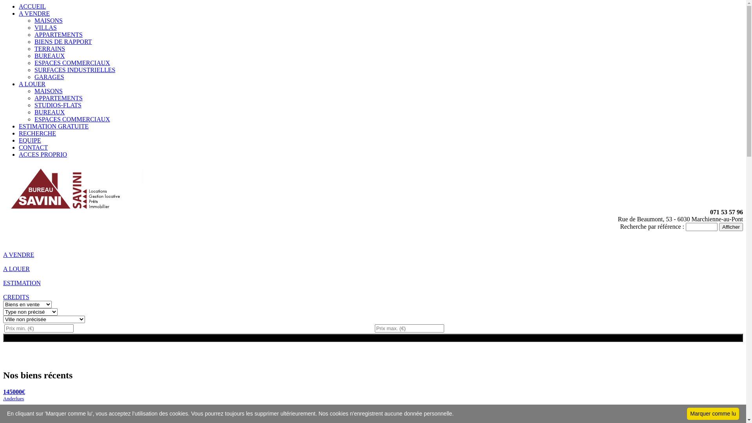 The height and width of the screenshot is (423, 752). I want to click on 'A VENDRE', so click(18, 258).